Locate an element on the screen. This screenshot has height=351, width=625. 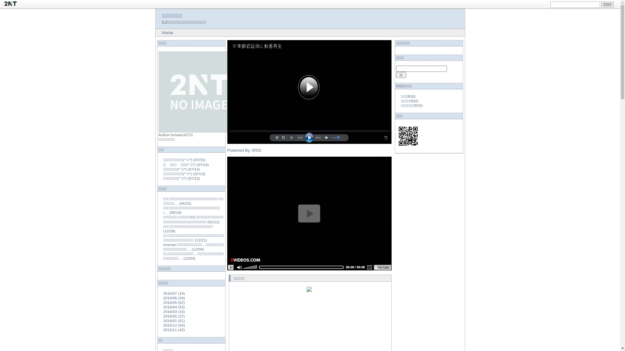
'2016/03 (15)' is located at coordinates (163, 311).